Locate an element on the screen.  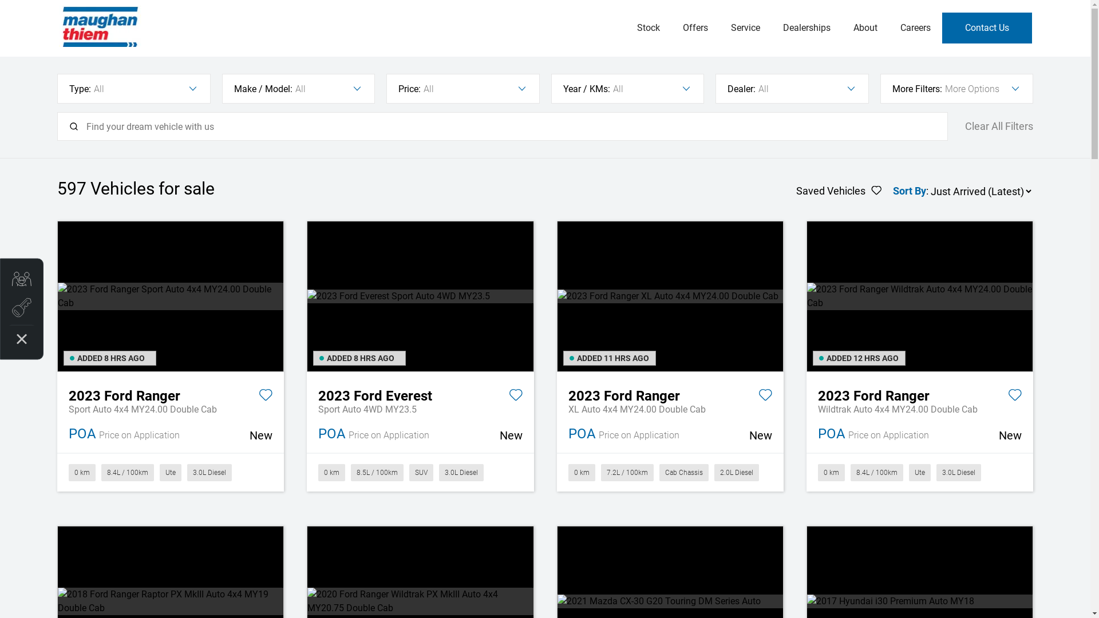
'POA is located at coordinates (169, 434).